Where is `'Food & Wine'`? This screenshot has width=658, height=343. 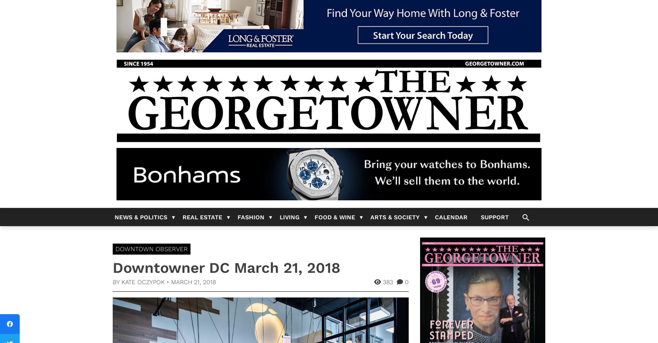
'Food & Wine' is located at coordinates (335, 217).